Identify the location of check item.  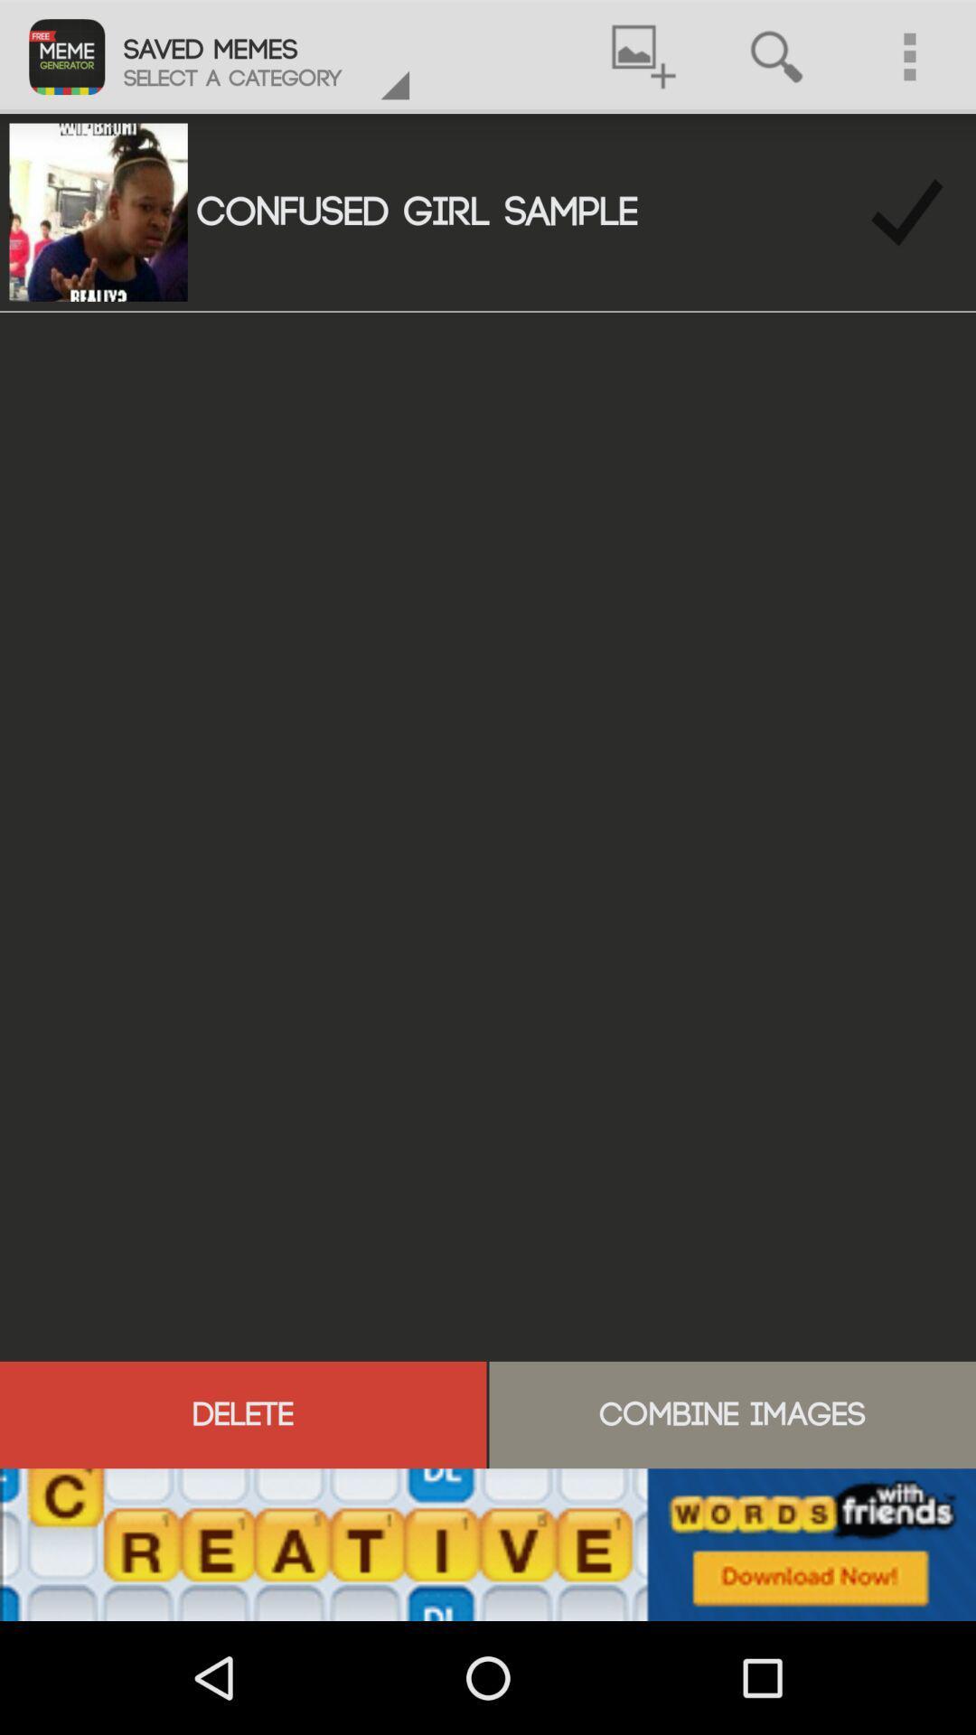
(906, 212).